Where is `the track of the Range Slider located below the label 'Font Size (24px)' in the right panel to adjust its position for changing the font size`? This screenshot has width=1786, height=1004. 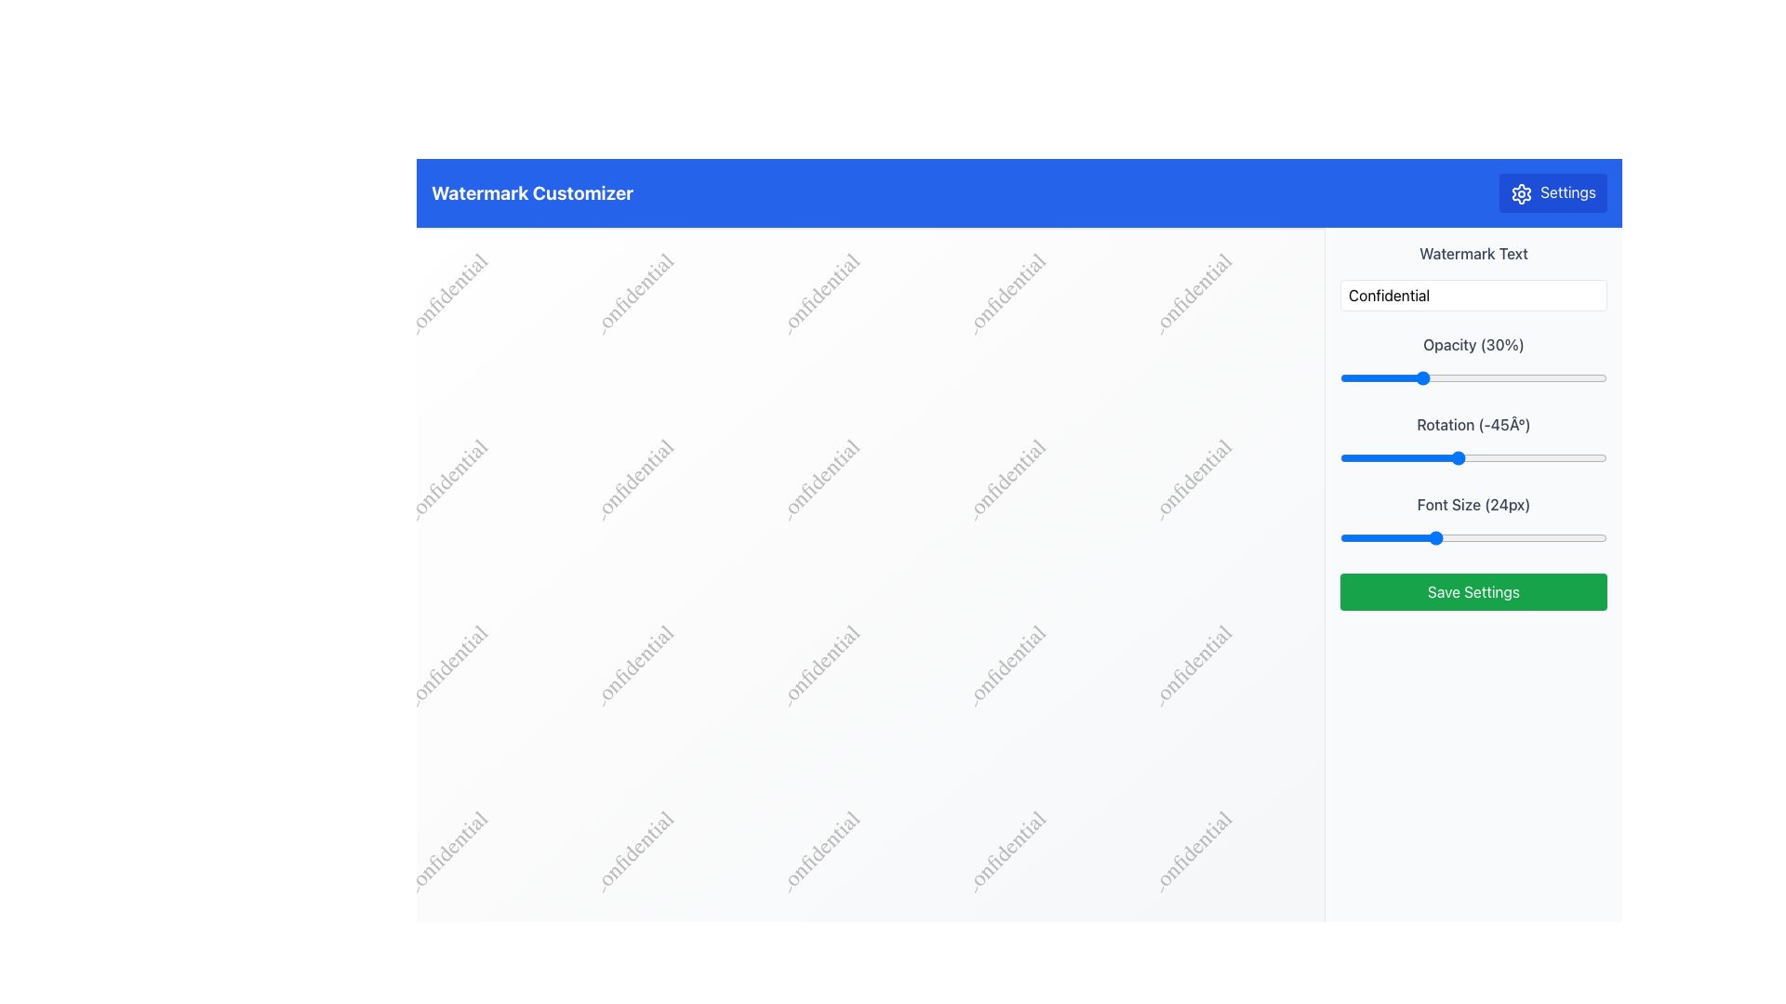
the track of the Range Slider located below the label 'Font Size (24px)' in the right panel to adjust its position for changing the font size is located at coordinates (1473, 537).